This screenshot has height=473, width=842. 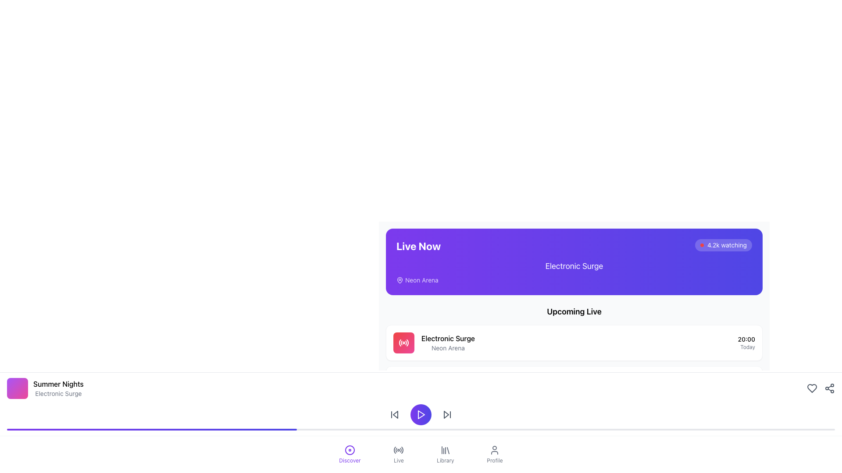 I want to click on the rounded rectangular banner with a gradient background that contains the text 'Live Now', 'Electronic Surge', and 'Neon Arena', located in the upper center area of the interface, so click(x=574, y=261).